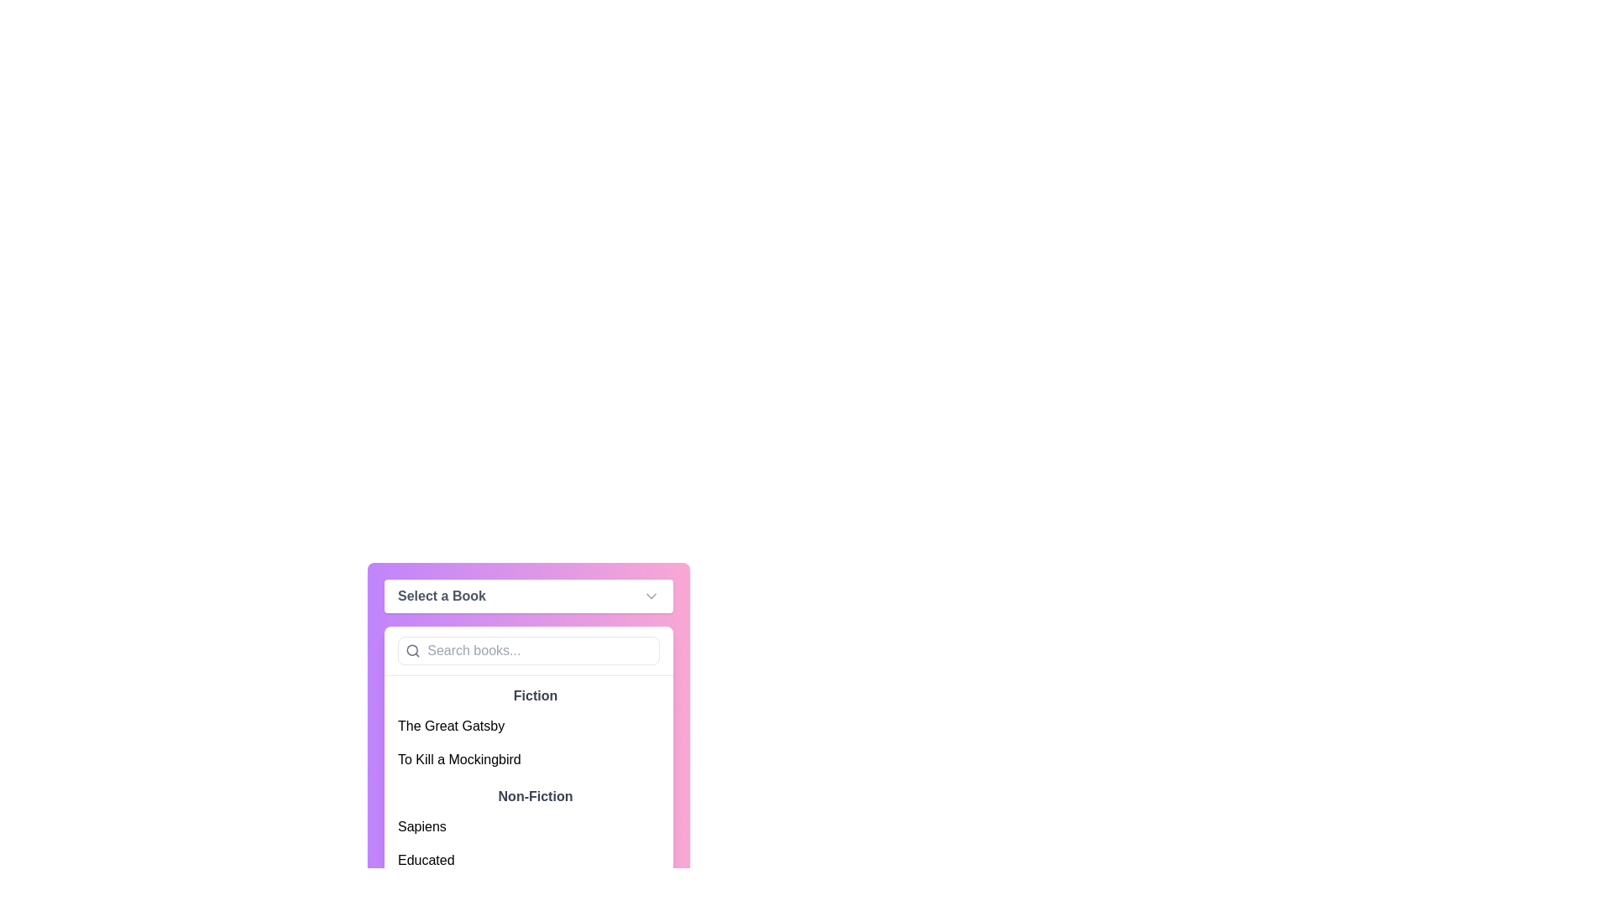 The width and height of the screenshot is (1612, 906). What do you see at coordinates (459, 760) in the screenshot?
I see `the text label 'To Kill a Mockingbird' in the dropdown menu under the 'Fiction' category` at bounding box center [459, 760].